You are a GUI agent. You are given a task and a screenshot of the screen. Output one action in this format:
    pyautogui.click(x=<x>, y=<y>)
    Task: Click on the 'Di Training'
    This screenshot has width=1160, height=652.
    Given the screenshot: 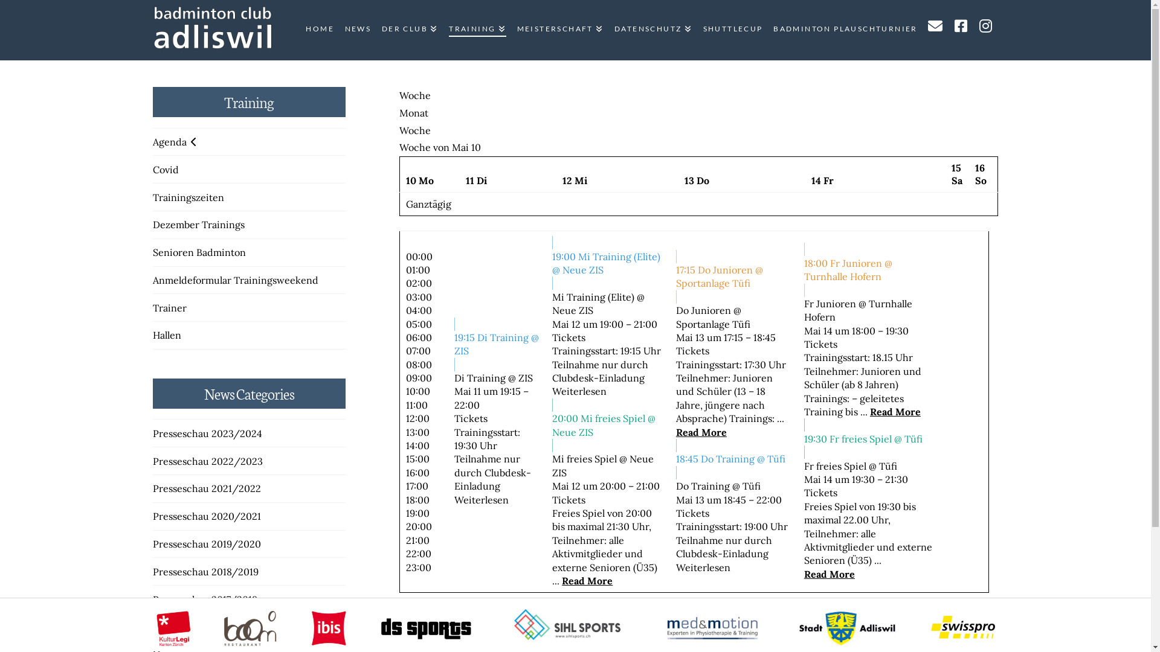 What is the action you would take?
    pyautogui.click(x=479, y=377)
    